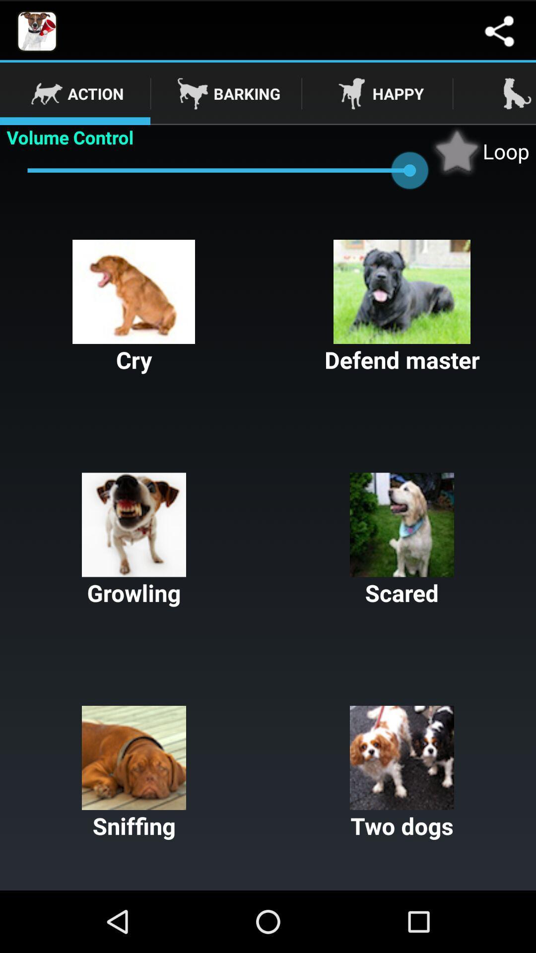 The image size is (536, 953). Describe the element at coordinates (402, 773) in the screenshot. I see `the item next to sniffing` at that location.